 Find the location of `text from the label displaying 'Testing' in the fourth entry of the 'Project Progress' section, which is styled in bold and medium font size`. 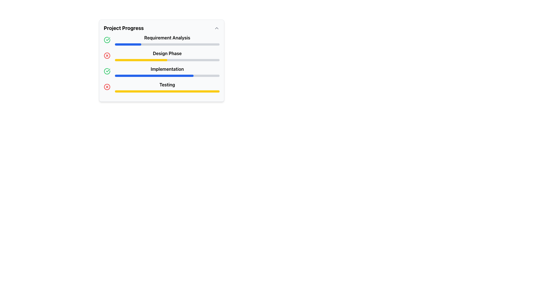

text from the label displaying 'Testing' in the fourth entry of the 'Project Progress' section, which is styled in bold and medium font size is located at coordinates (167, 85).